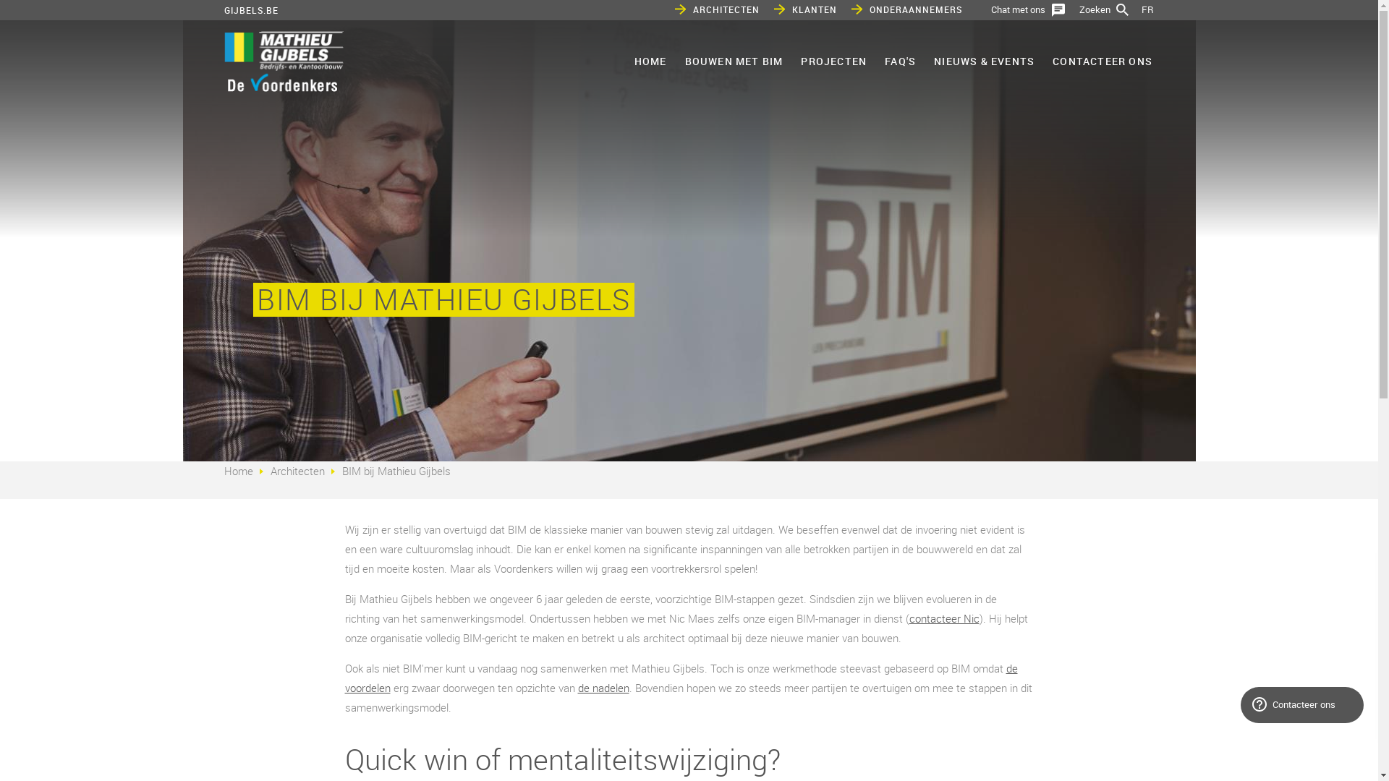  Describe the element at coordinates (717, 9) in the screenshot. I see `'ARCHITECTEN'` at that location.